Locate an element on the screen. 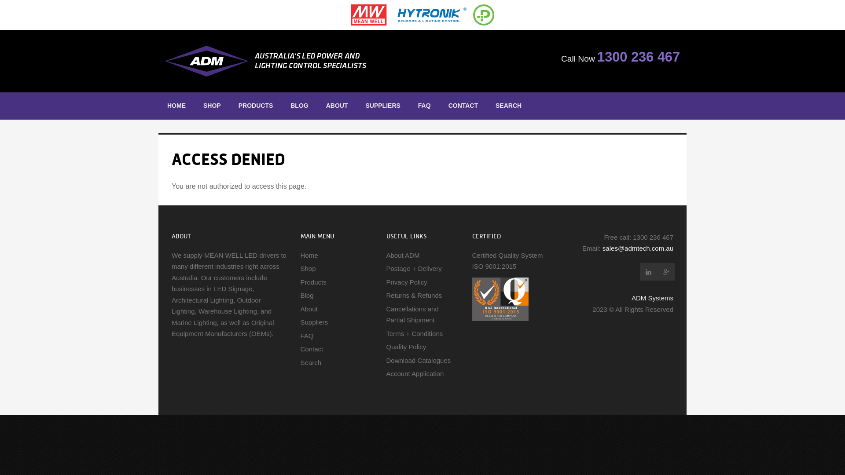  'Shop' is located at coordinates (308, 268).